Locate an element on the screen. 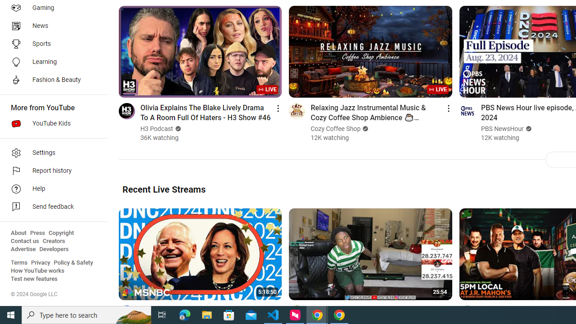 This screenshot has height=324, width=576. 'Creators' is located at coordinates (53, 241).